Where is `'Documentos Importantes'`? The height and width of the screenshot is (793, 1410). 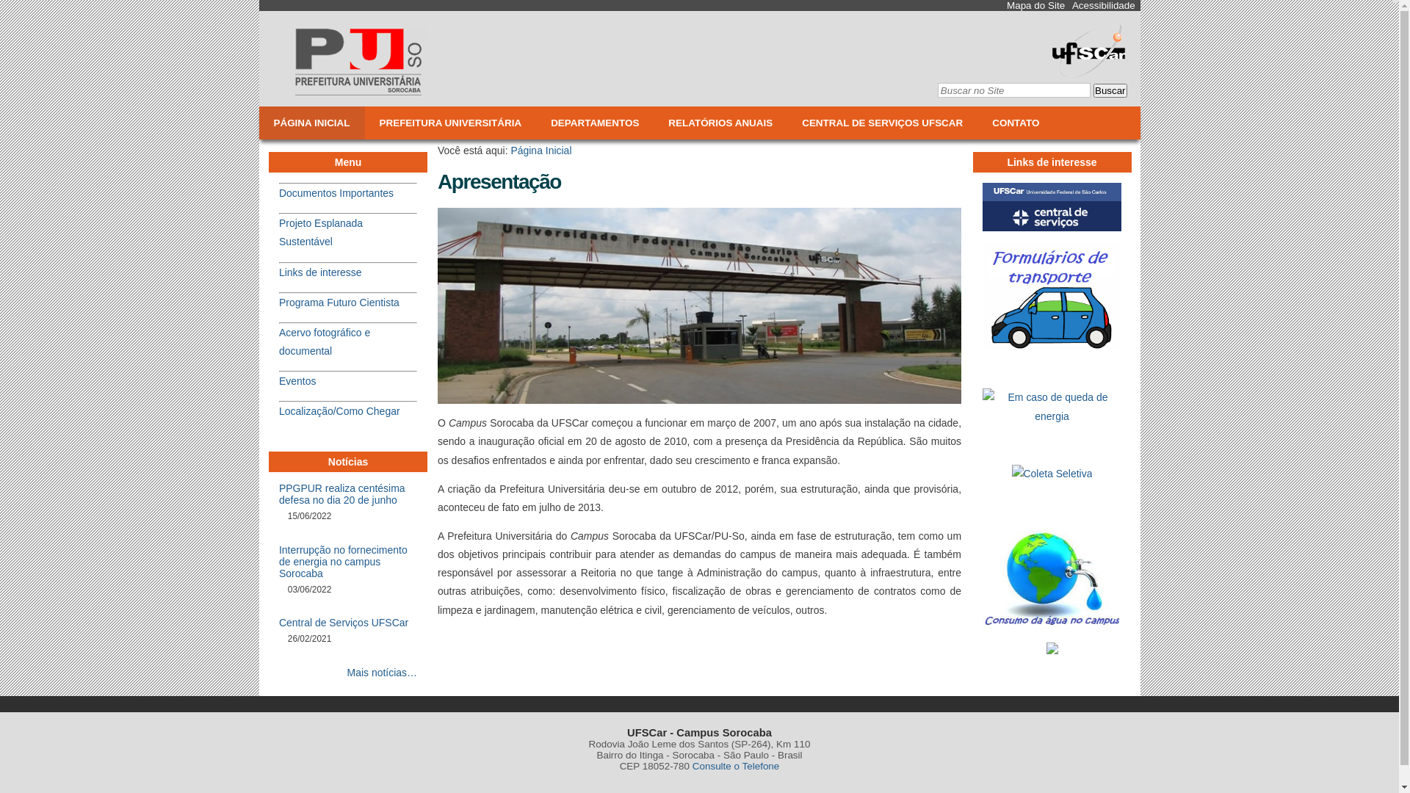 'Documentos Importantes' is located at coordinates (335, 192).